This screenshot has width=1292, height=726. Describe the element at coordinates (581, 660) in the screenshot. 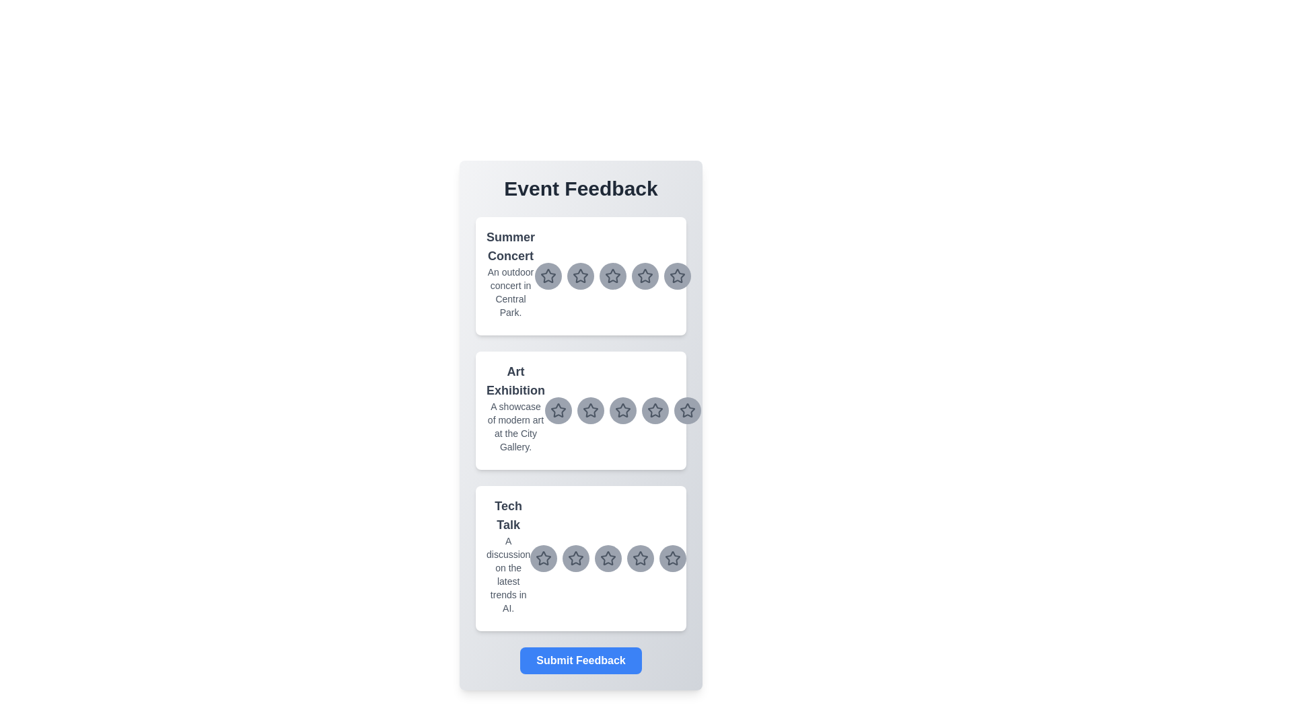

I see `the 'Submit Feedback' button to submit the ratings` at that location.